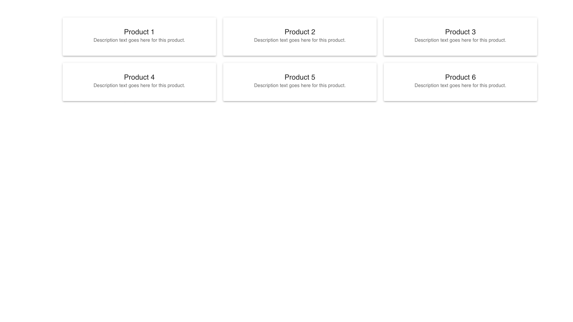 This screenshot has width=573, height=322. What do you see at coordinates (296, 33) in the screenshot?
I see `the card titled 'Product 2', which is the second card in the first row of a 3-column grid layout, displaying the description 'Description text goes here for this product.'` at bounding box center [296, 33].